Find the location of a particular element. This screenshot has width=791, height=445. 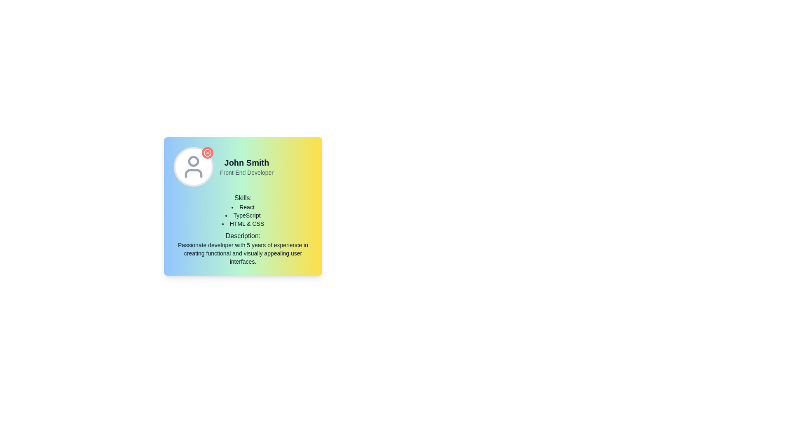

the text block titled 'Skills:' which includes a list of programming technologies: 'React', 'TypeScript', and 'HTML & CSS' is located at coordinates (243, 210).